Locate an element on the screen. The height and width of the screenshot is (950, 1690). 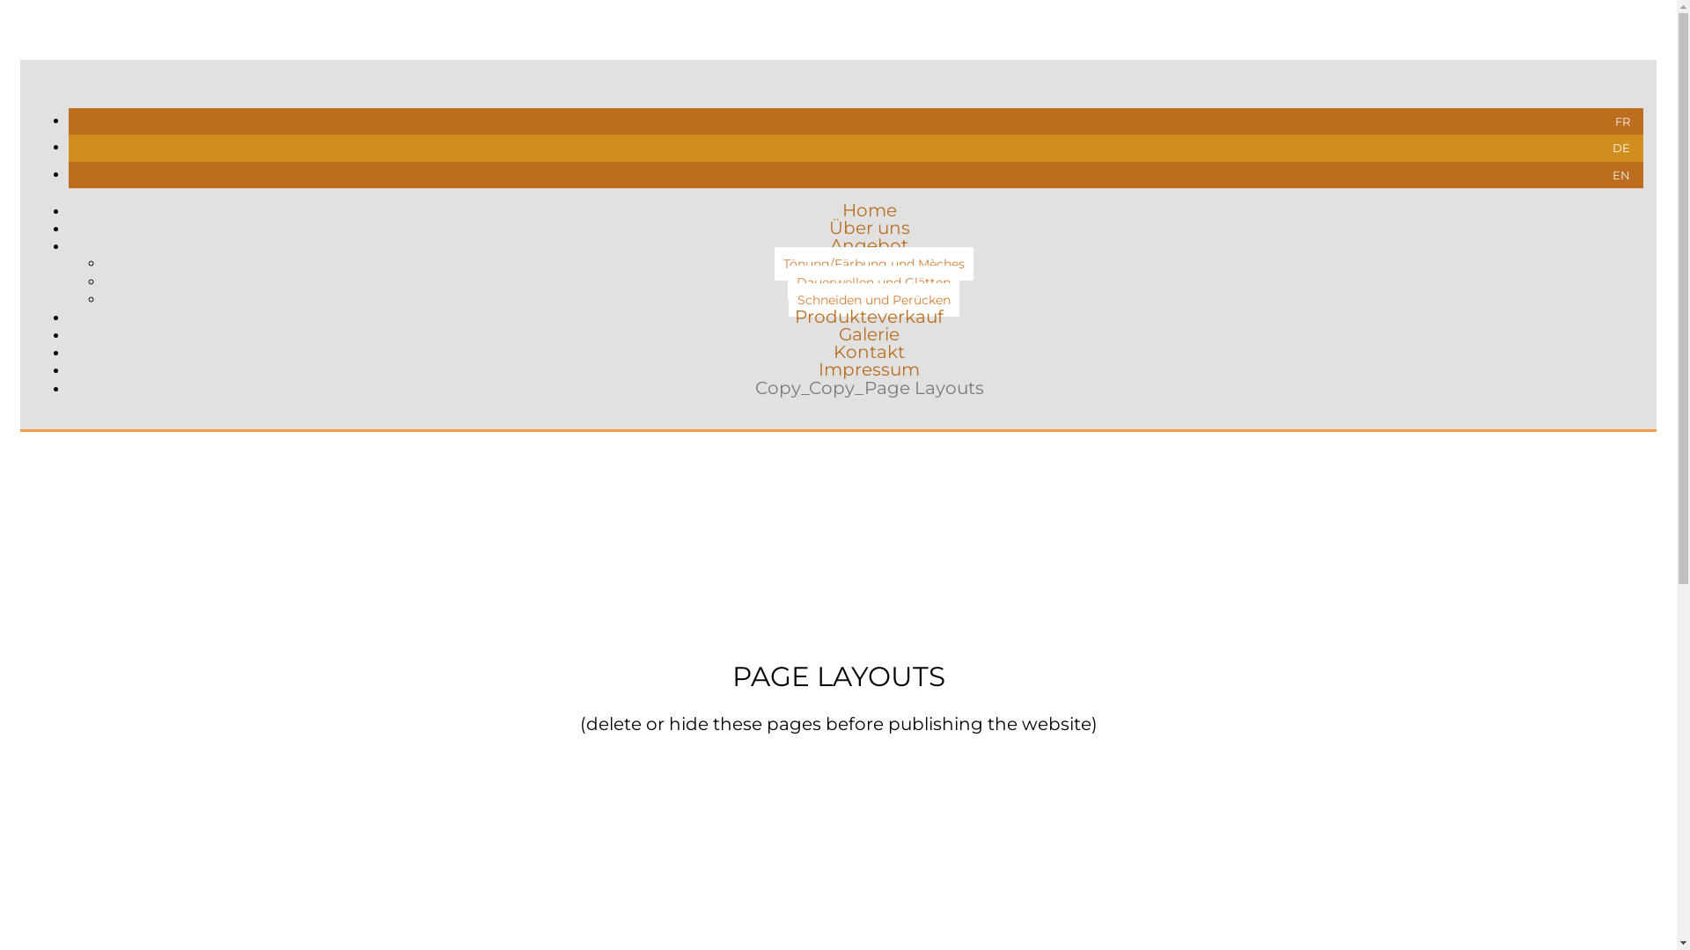
'Kontakt' is located at coordinates (869, 352).